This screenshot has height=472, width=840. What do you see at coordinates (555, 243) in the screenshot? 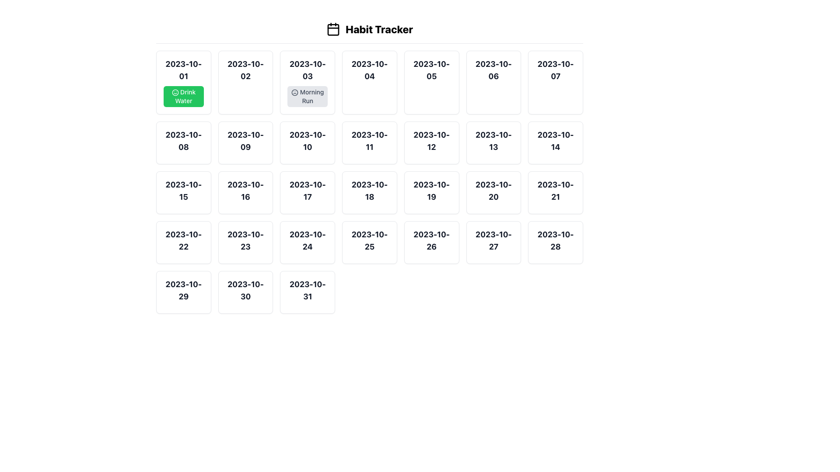
I see `the white card element containing the date '2023-10-28' in bold, large, dark-gray font` at bounding box center [555, 243].